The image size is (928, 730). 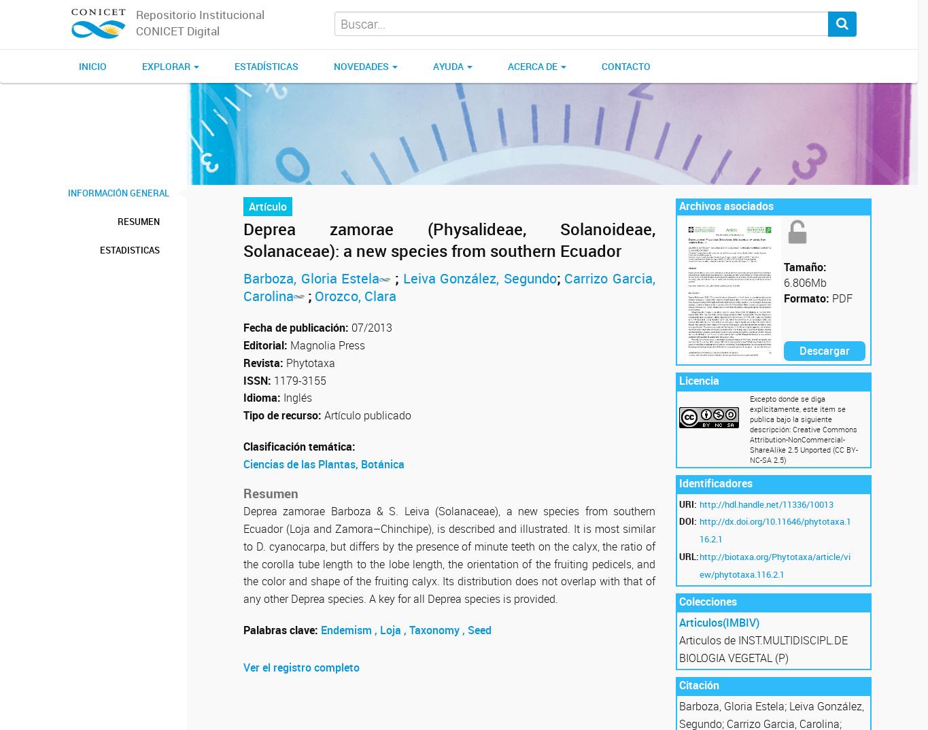 What do you see at coordinates (92, 66) in the screenshot?
I see `'Inicio'` at bounding box center [92, 66].